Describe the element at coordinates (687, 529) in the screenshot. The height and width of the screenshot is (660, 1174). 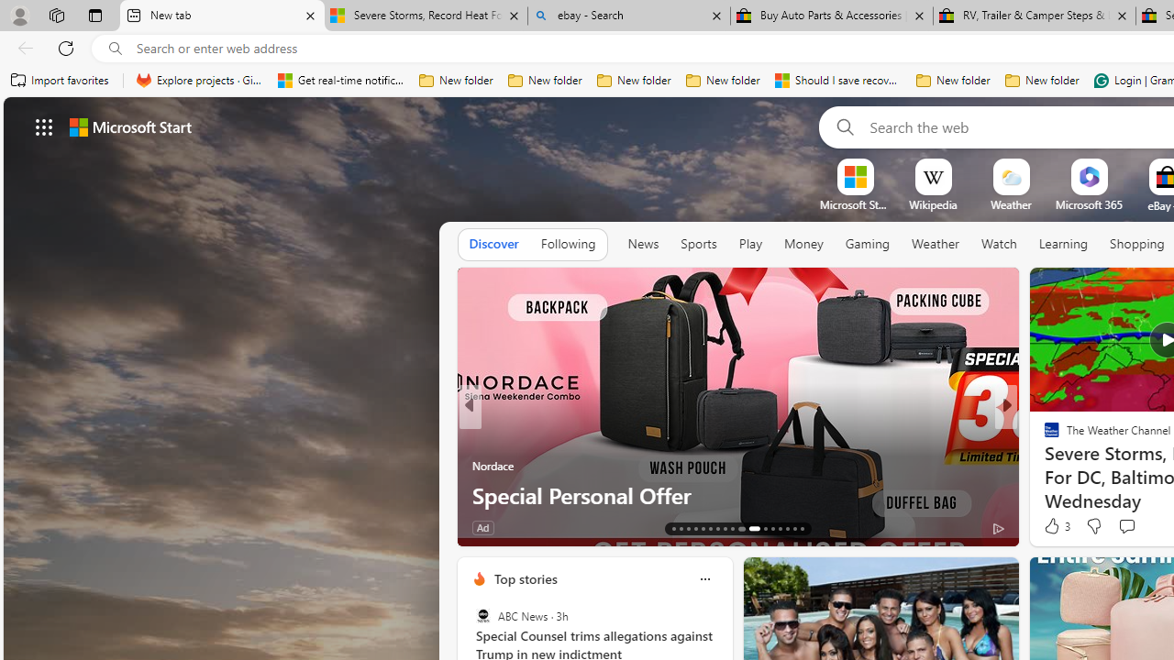
I see `'AutomationID: tab-15'` at that location.